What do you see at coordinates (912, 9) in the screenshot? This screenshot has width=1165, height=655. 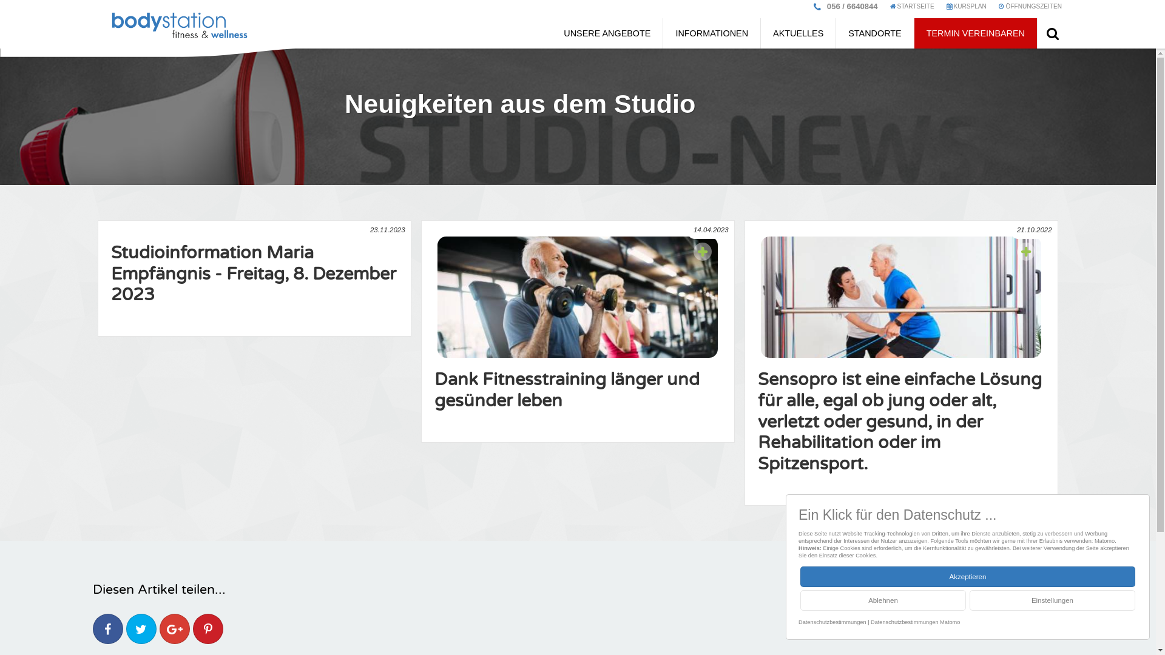 I see `'STARTSEITE'` at bounding box center [912, 9].